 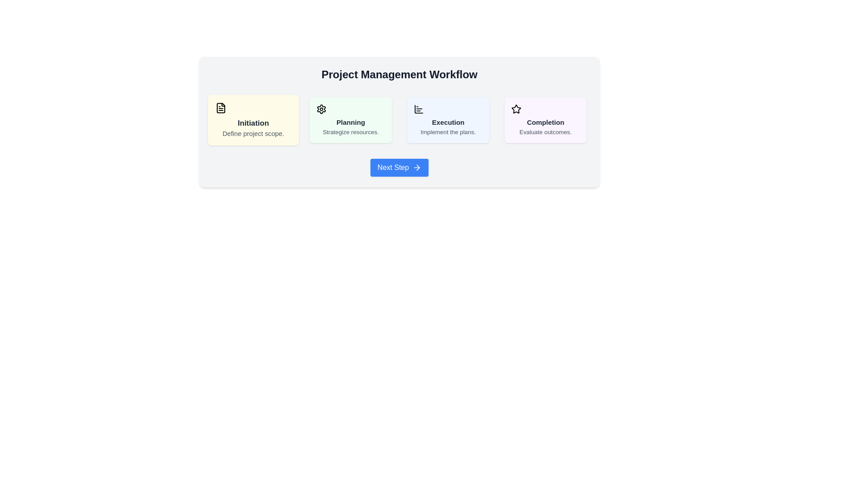 I want to click on the blue gradient card titled 'Execution' that contains a bar chart icon, positioned in the grid layout under 'Project Management Workflow', so click(x=448, y=119).